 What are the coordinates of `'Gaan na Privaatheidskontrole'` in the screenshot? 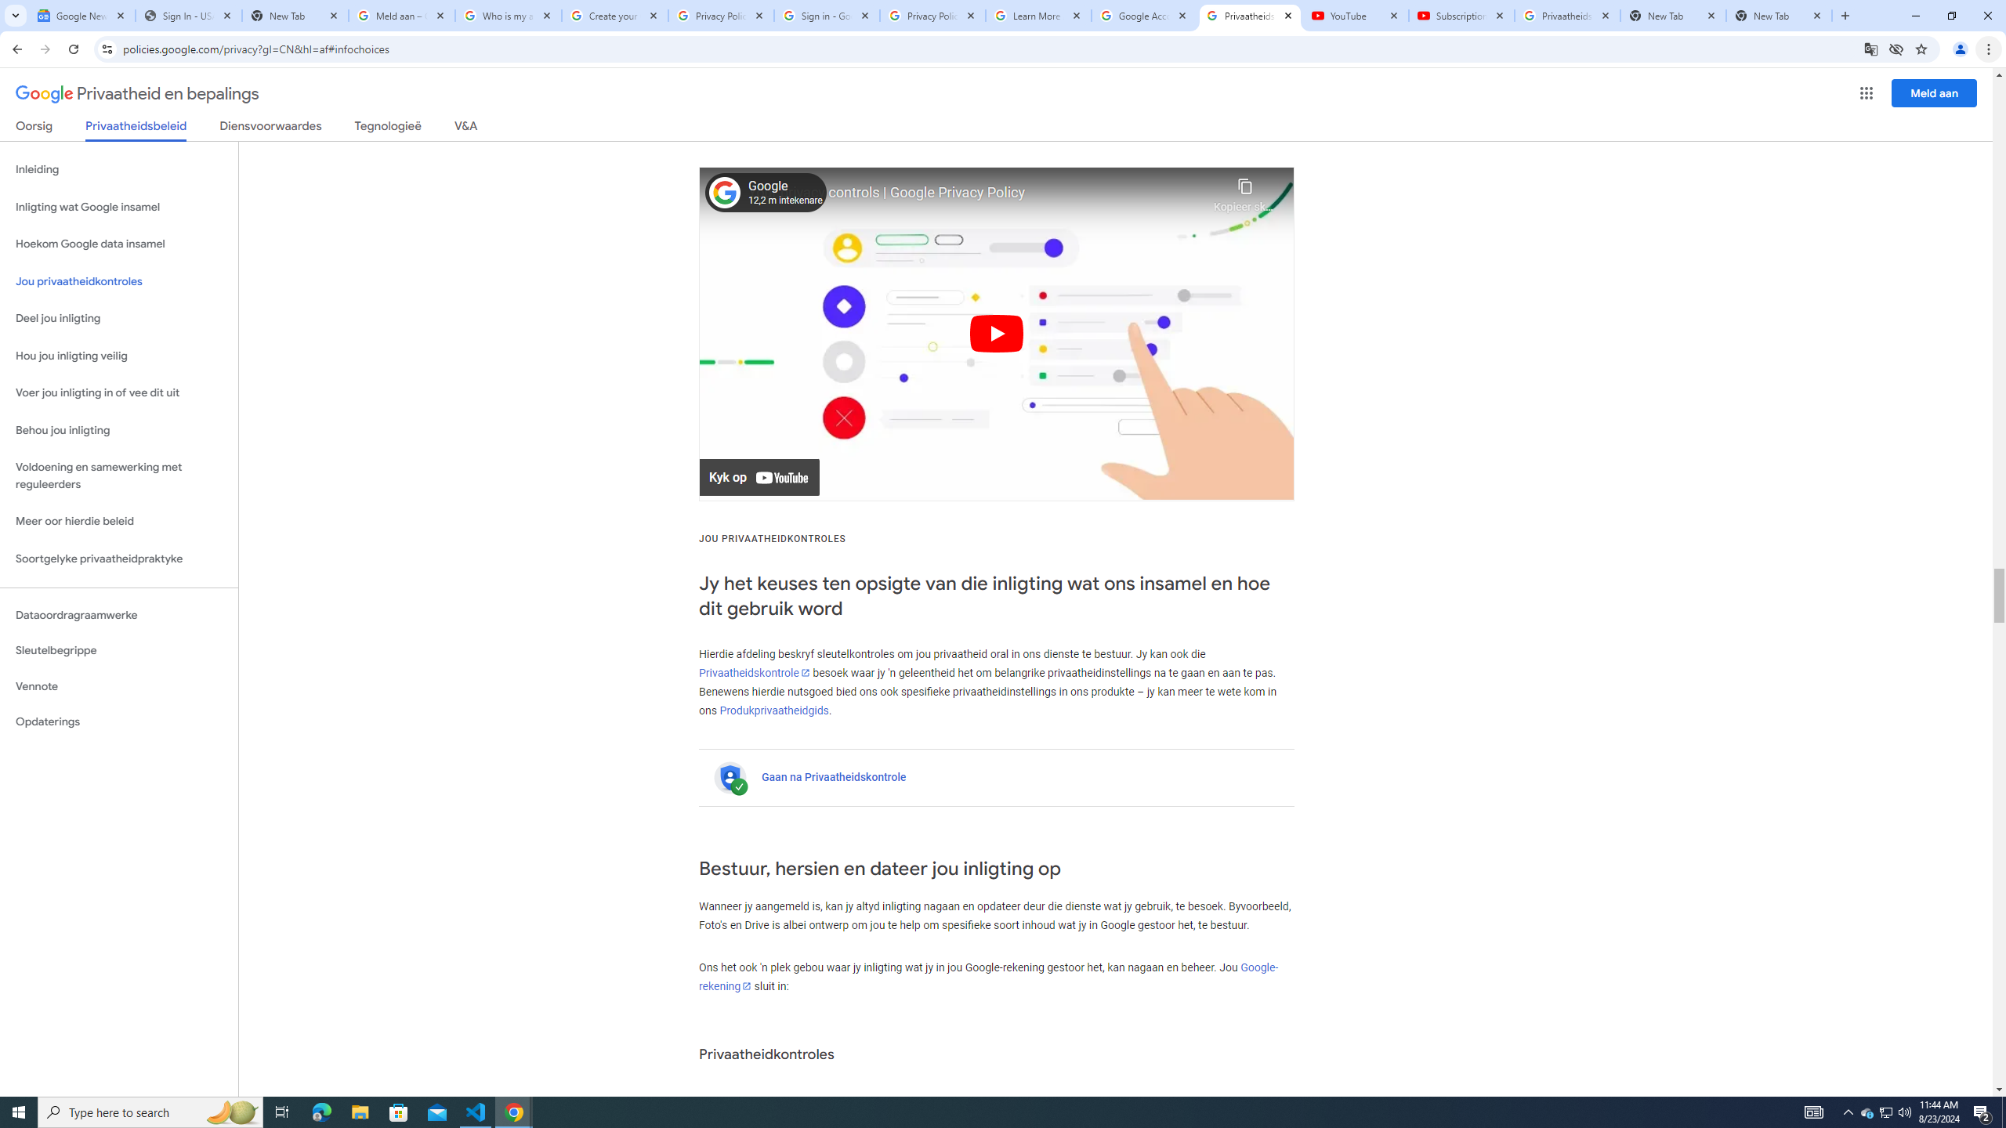 It's located at (833, 776).